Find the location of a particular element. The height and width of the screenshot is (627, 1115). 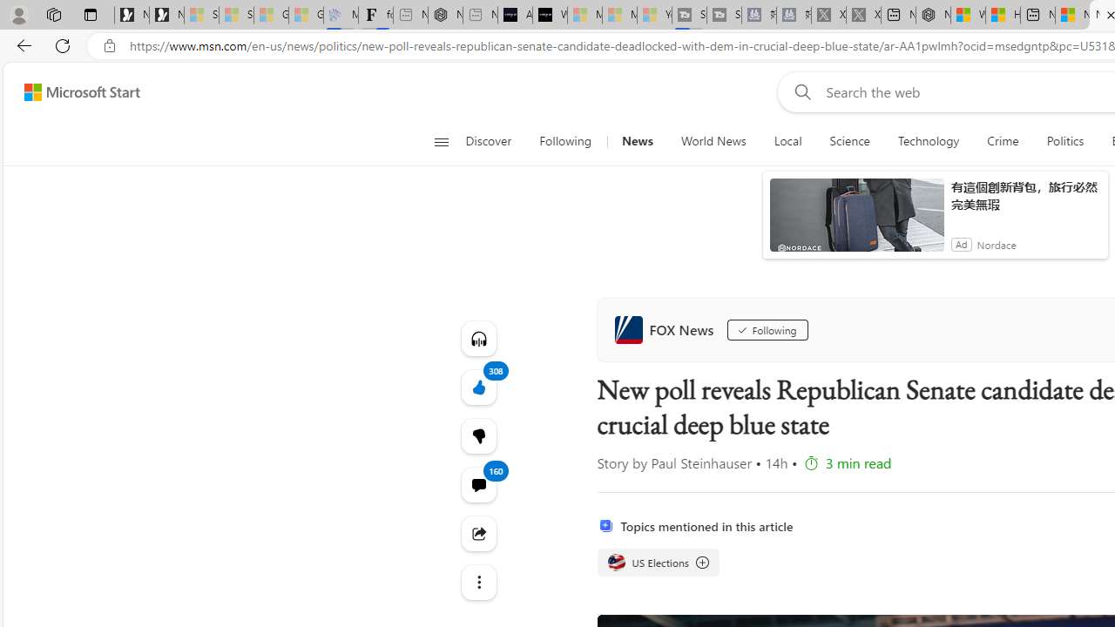

'More like this308Fewer like thisView comments' is located at coordinates (478, 435).